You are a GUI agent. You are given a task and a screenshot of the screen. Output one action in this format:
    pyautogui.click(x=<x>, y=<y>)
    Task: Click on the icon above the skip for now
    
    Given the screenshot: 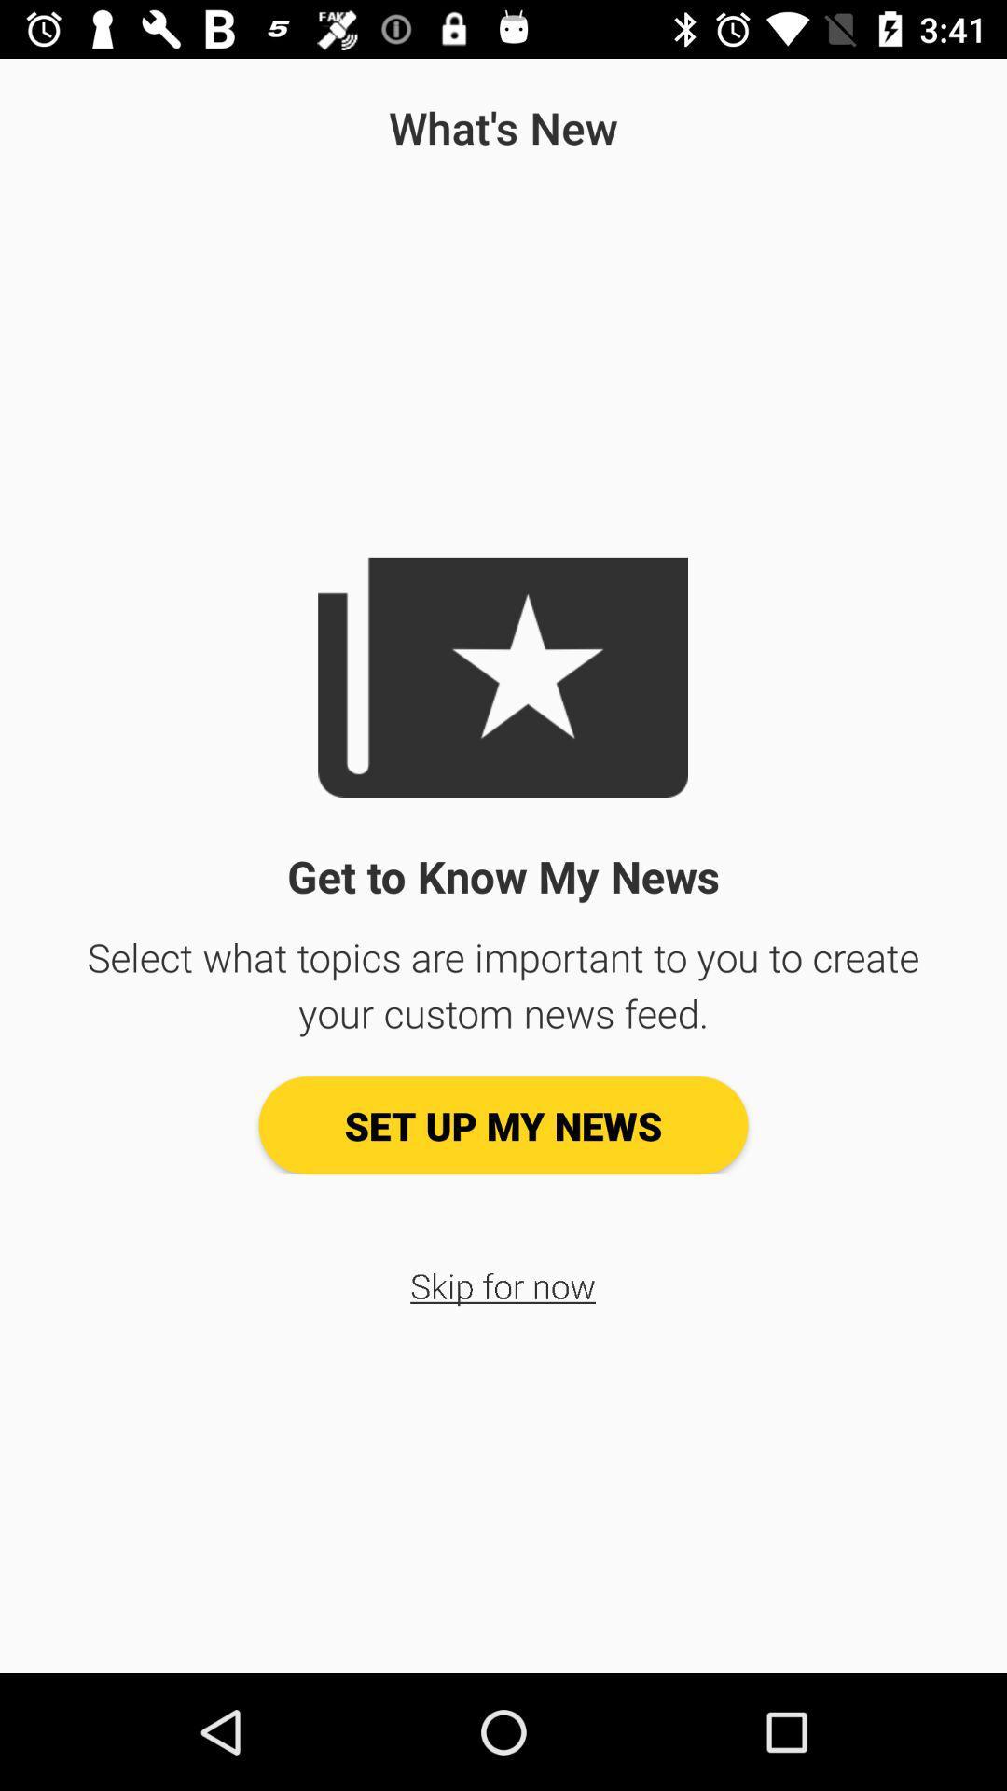 What is the action you would take?
    pyautogui.click(x=504, y=1124)
    